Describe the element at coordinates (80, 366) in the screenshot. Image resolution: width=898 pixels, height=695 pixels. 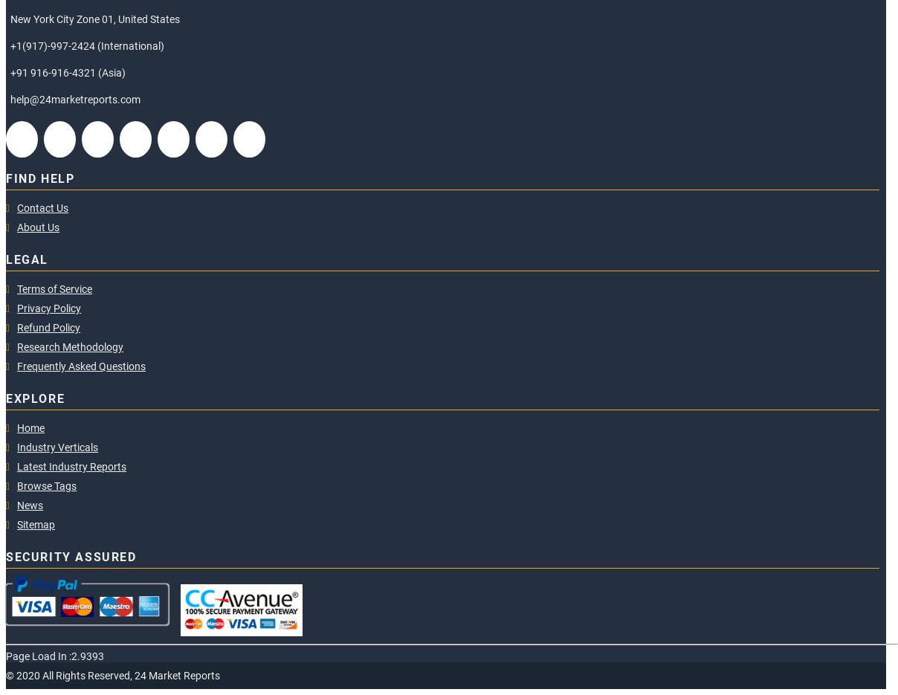
I see `'Frequently Asked Questions'` at that location.